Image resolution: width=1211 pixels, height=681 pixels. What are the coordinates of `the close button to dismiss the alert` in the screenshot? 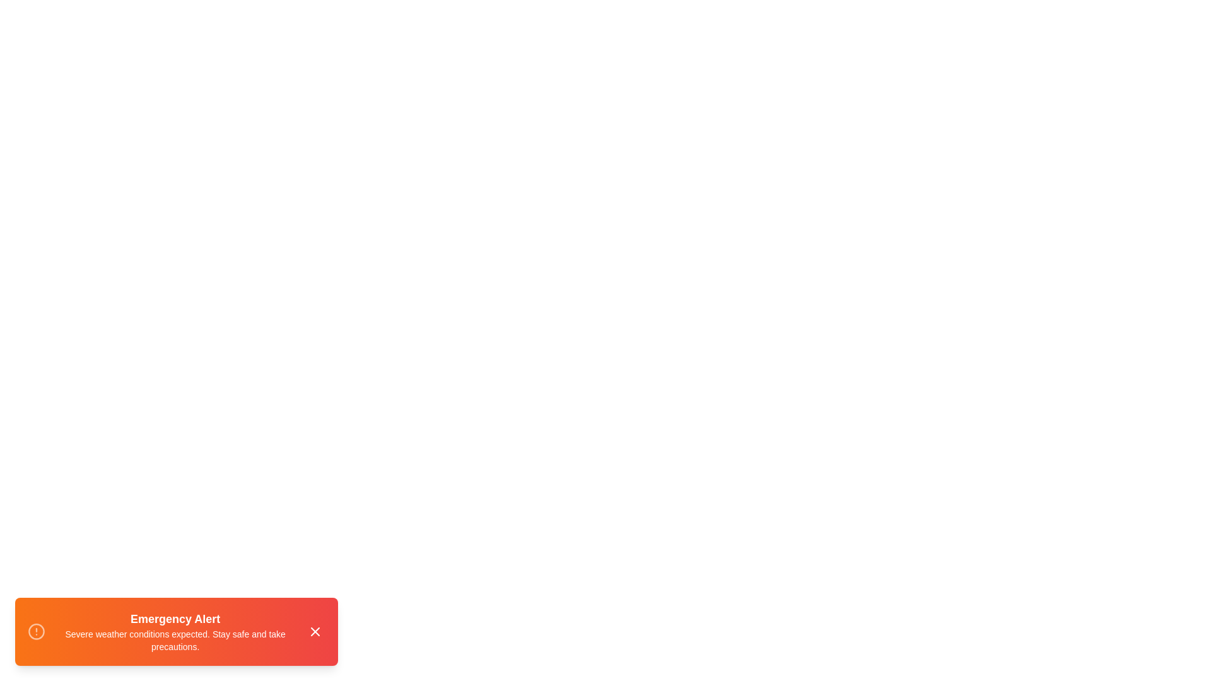 It's located at (315, 632).